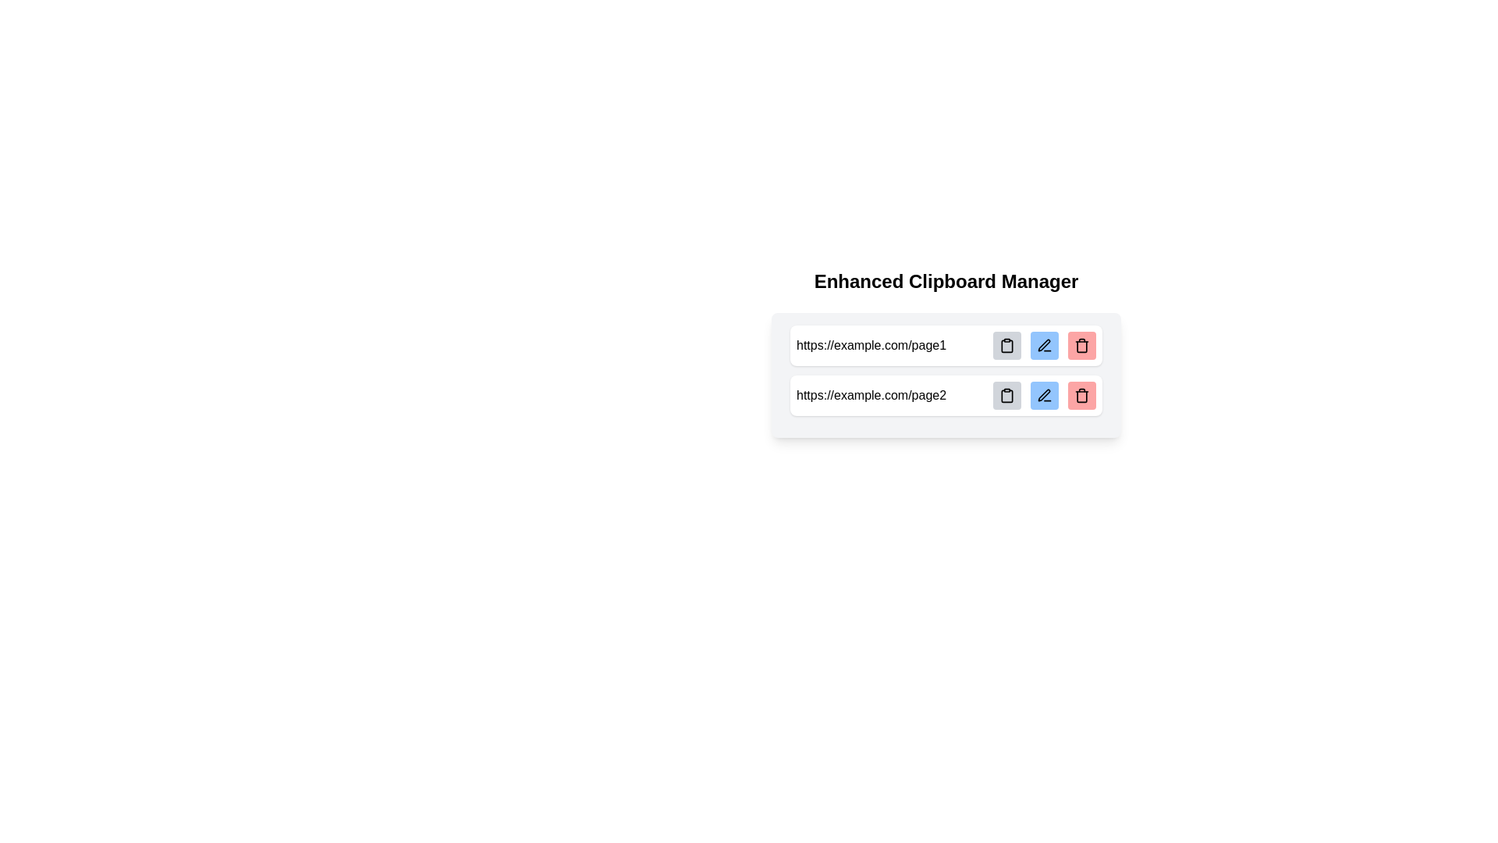 The width and height of the screenshot is (1498, 843). Describe the element at coordinates (1081, 394) in the screenshot. I see `the delete action button, which is the last button in the second row of clipboard management buttons, positioned to the right of the blue edit button` at that location.